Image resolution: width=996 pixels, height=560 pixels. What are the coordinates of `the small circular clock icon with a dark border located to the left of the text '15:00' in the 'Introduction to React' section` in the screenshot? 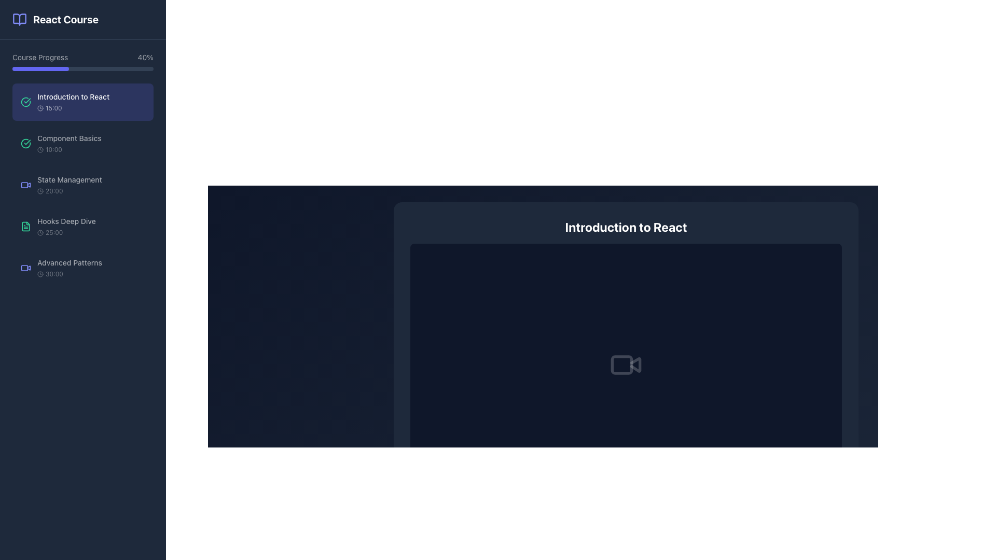 It's located at (40, 108).